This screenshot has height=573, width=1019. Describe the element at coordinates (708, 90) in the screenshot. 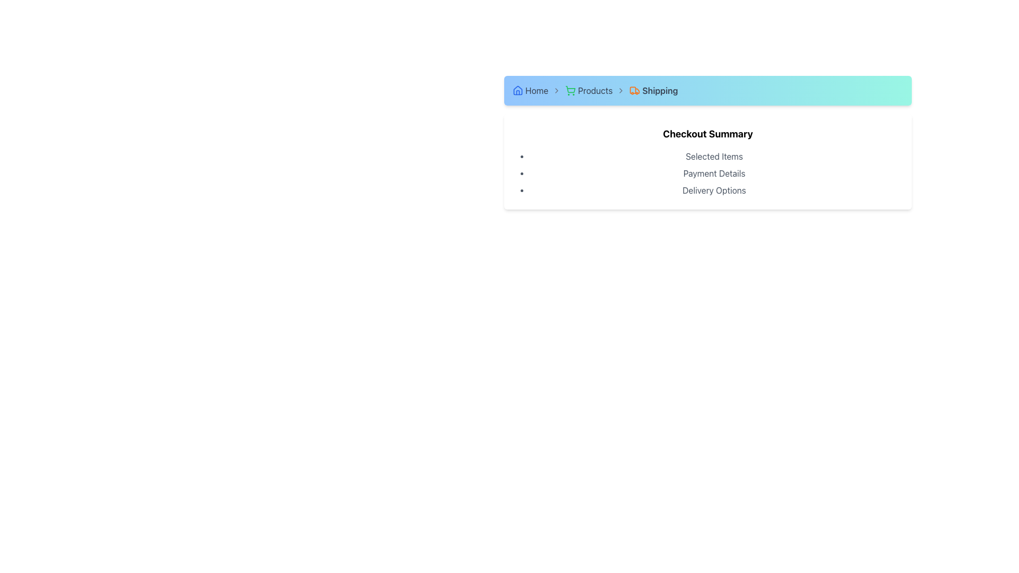

I see `the 'Shipping' breadcrumb in the Breadcrumb Navigation with a gradient background, rounded corners, and shadow effect to refresh the current page` at that location.